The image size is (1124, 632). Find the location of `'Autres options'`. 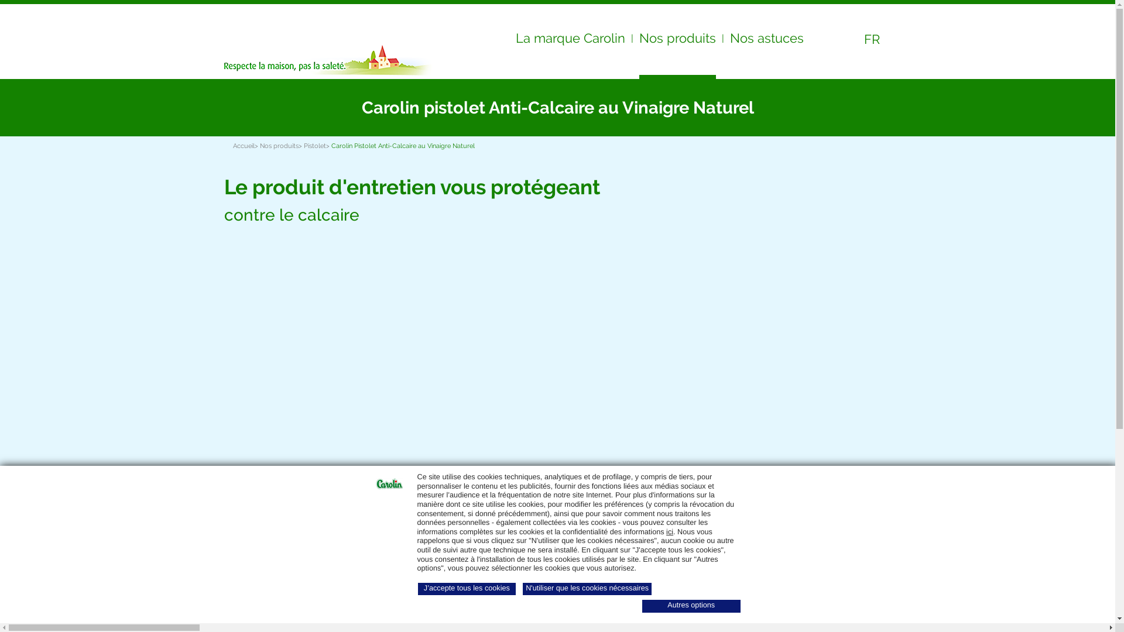

'Autres options' is located at coordinates (691, 606).